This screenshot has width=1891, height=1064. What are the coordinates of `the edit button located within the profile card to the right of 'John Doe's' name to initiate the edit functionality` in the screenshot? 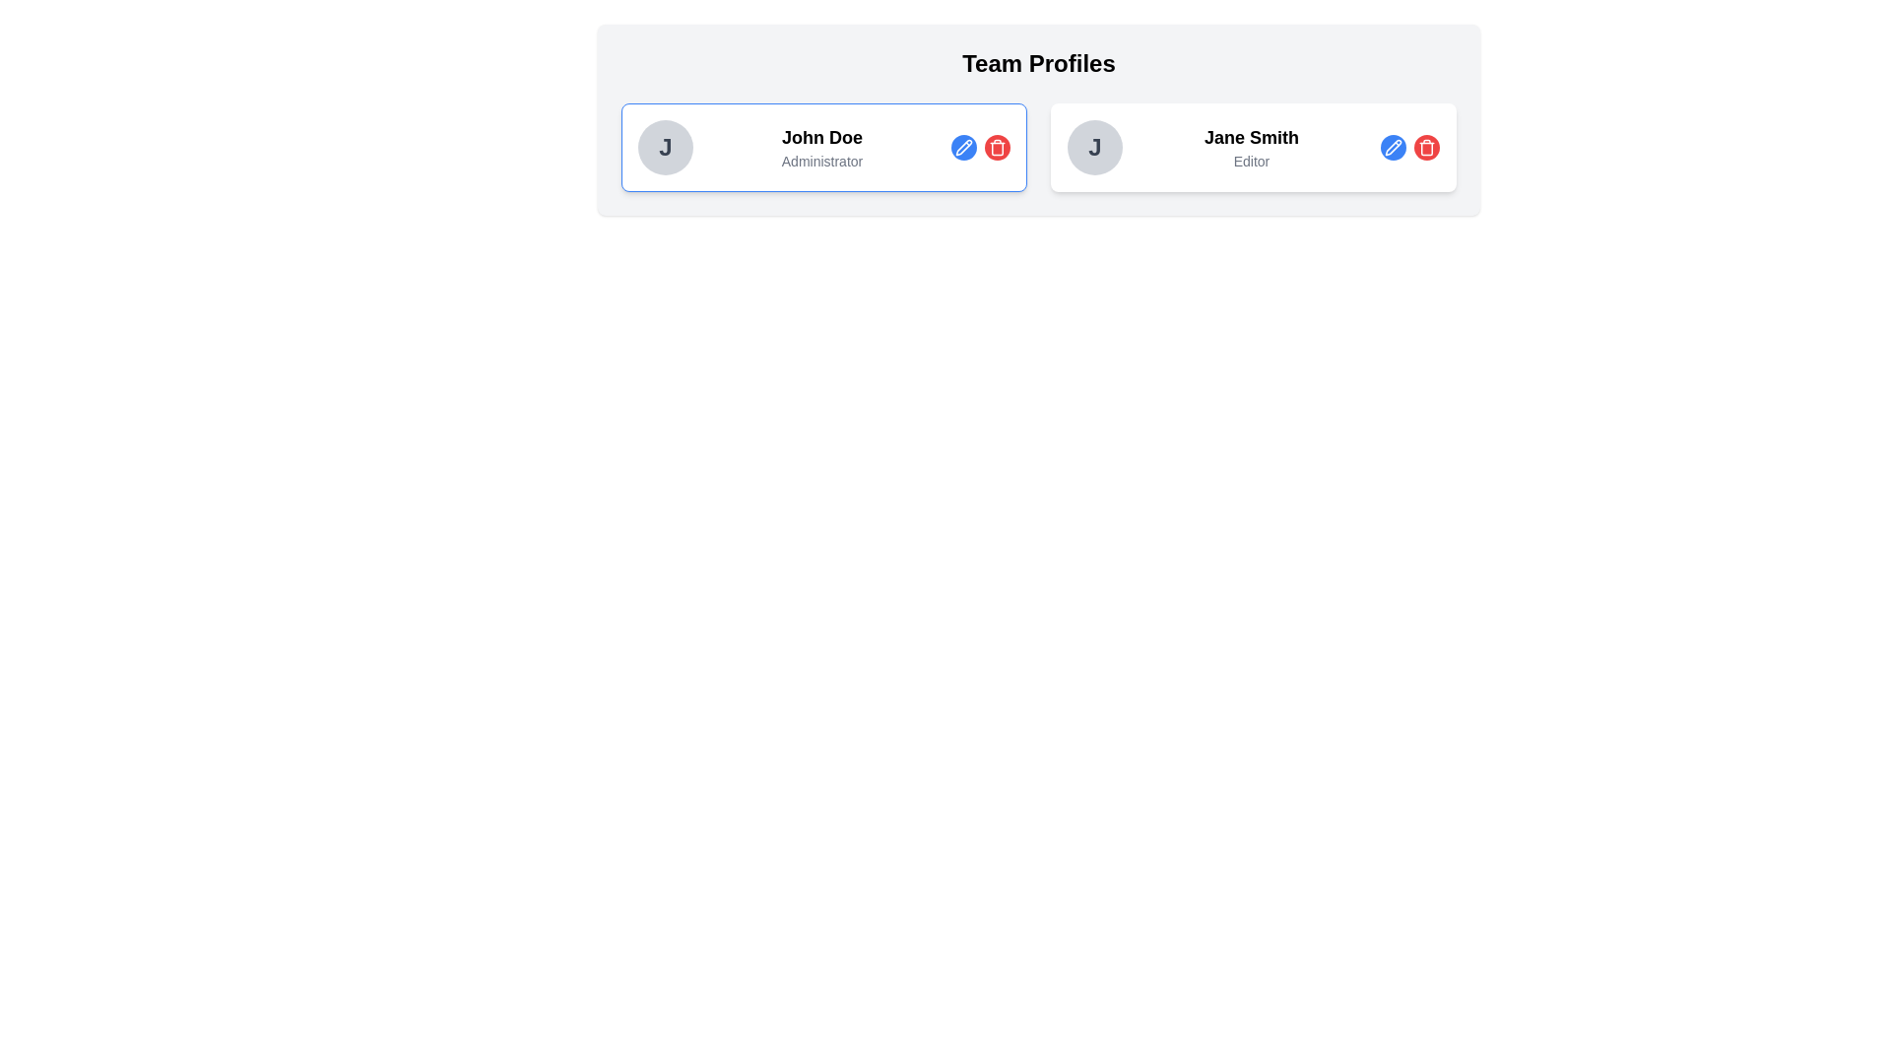 It's located at (964, 147).